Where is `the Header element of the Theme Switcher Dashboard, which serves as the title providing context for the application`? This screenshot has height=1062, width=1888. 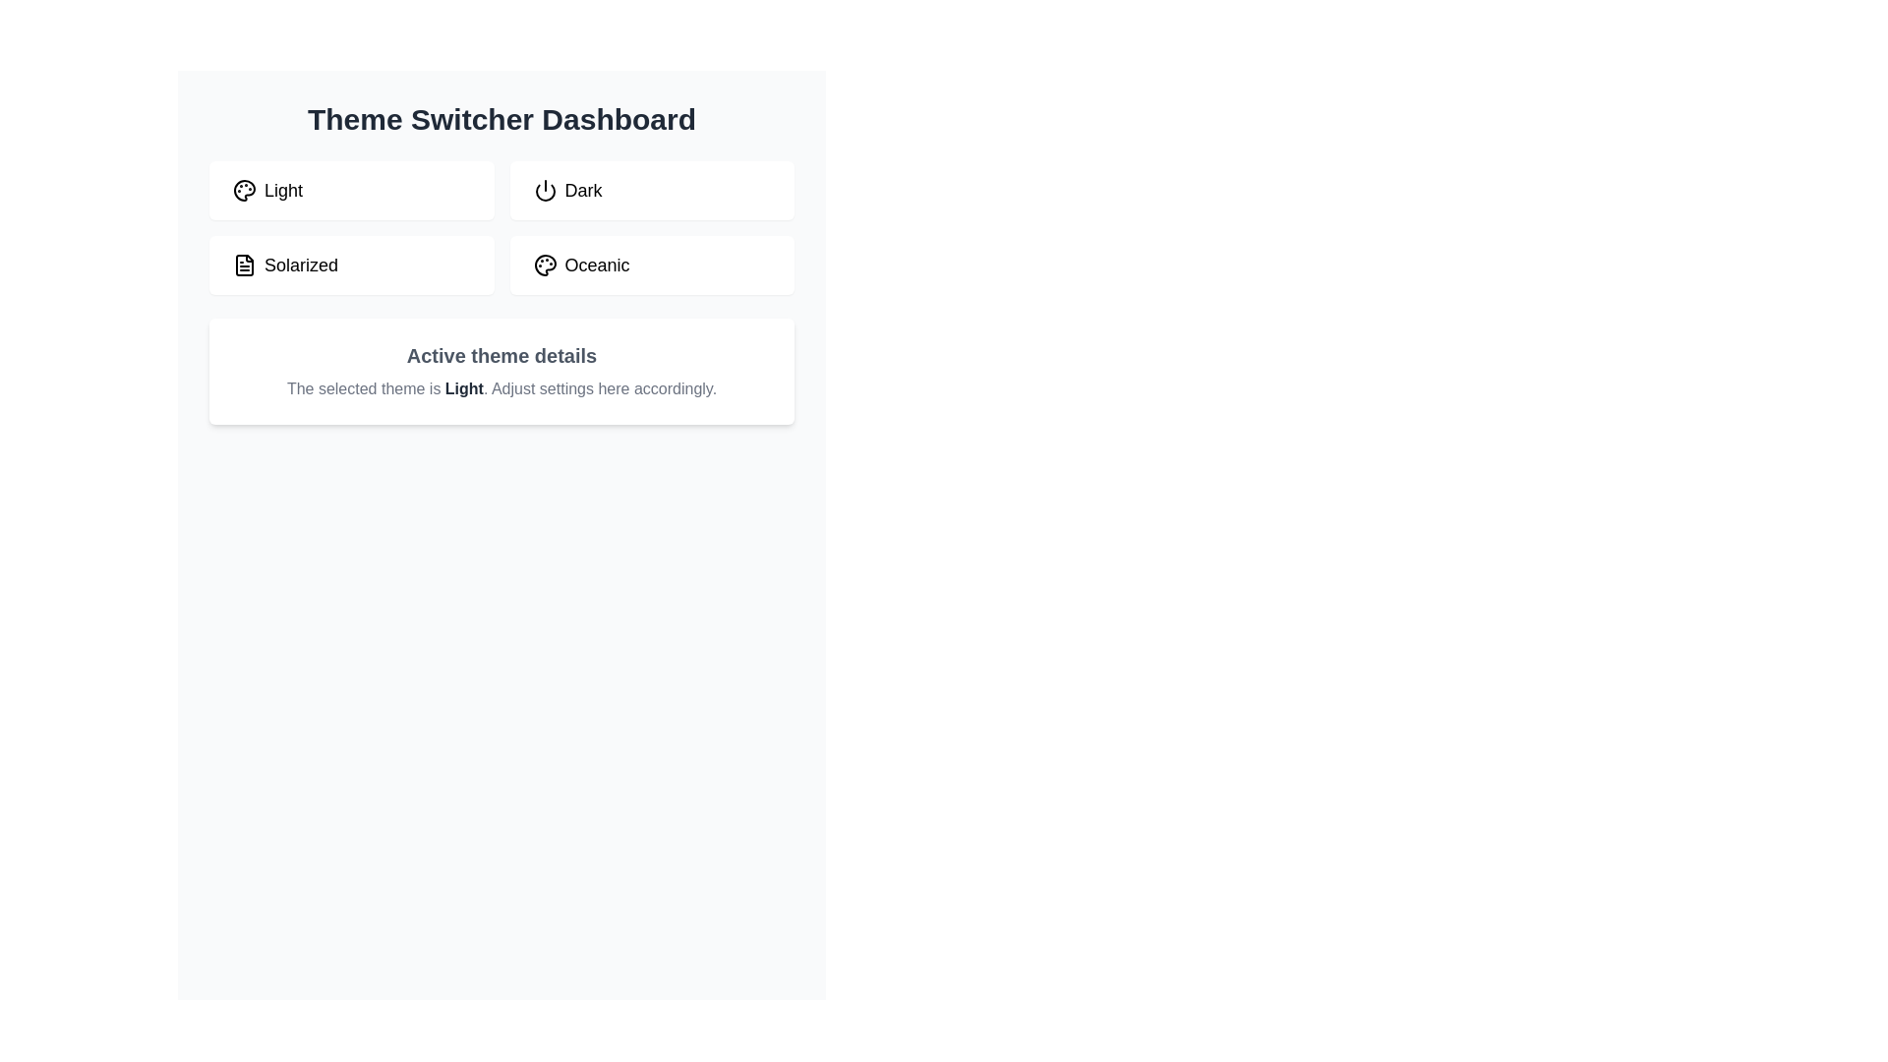
the Header element of the Theme Switcher Dashboard, which serves as the title providing context for the application is located at coordinates (501, 120).